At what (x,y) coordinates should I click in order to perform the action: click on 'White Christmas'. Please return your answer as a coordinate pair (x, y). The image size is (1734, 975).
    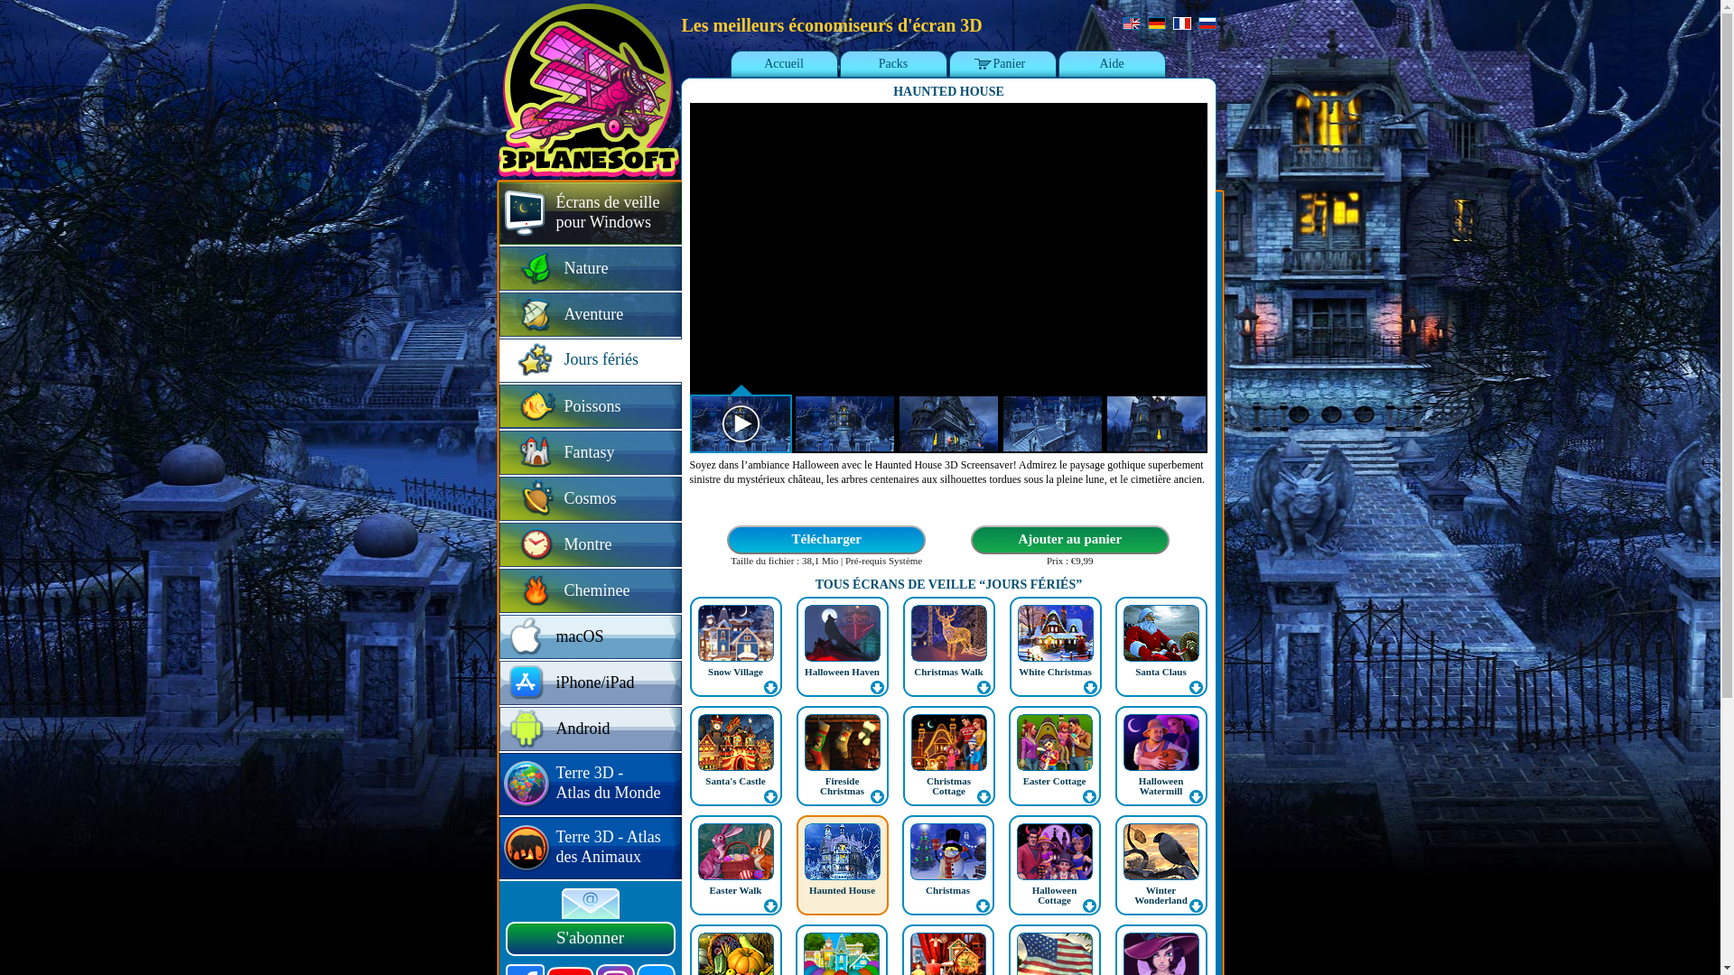
    Looking at the image, I should click on (1056, 645).